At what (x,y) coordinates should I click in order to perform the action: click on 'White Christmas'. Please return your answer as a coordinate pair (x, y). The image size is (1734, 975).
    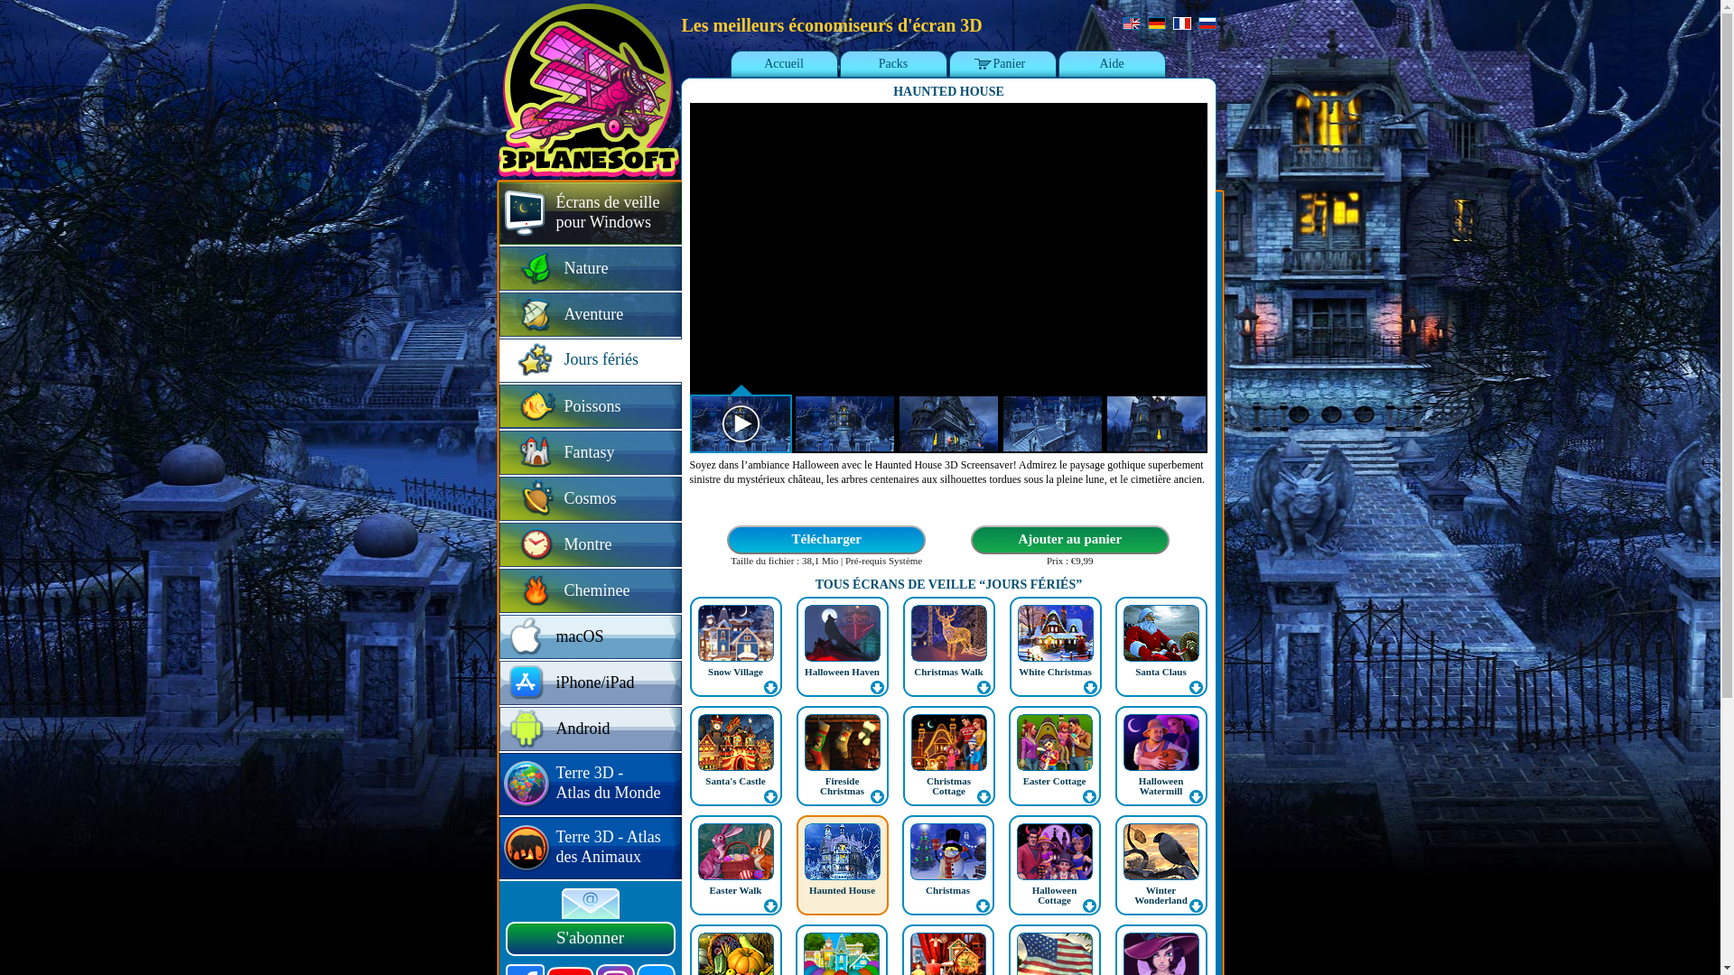
    Looking at the image, I should click on (1056, 645).